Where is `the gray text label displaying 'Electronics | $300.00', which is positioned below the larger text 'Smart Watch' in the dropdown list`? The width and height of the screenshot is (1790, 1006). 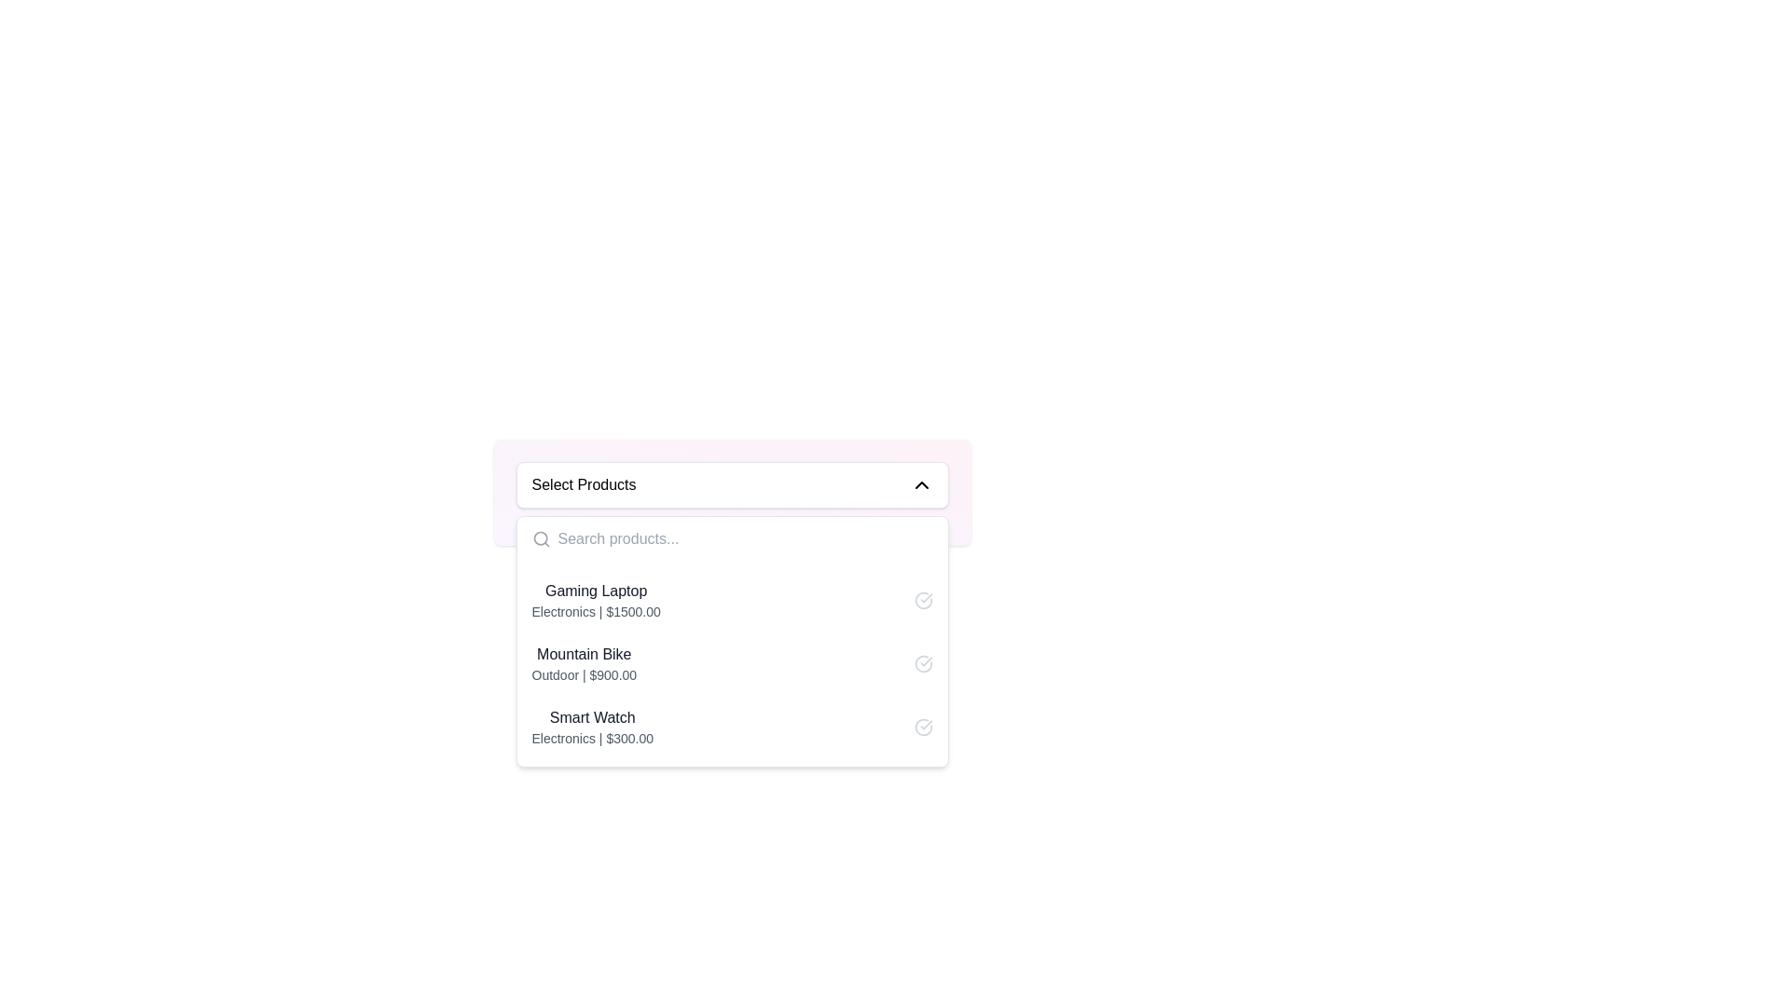
the gray text label displaying 'Electronics | $300.00', which is positioned below the larger text 'Smart Watch' in the dropdown list is located at coordinates (591, 738).